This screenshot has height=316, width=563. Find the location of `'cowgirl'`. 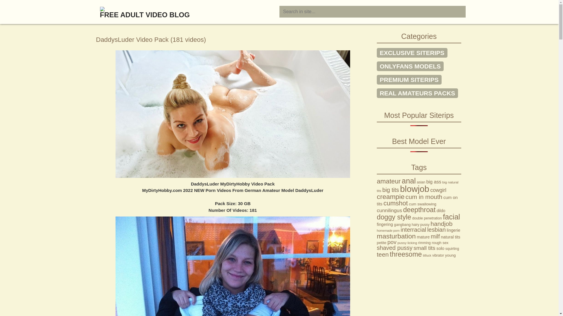

'cowgirl' is located at coordinates (438, 190).